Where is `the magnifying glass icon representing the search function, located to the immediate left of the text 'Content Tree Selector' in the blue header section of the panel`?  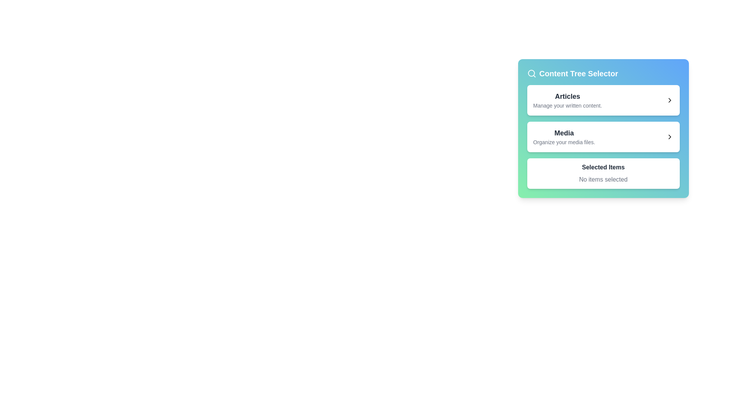
the magnifying glass icon representing the search function, located to the immediate left of the text 'Content Tree Selector' in the blue header section of the panel is located at coordinates (531, 73).